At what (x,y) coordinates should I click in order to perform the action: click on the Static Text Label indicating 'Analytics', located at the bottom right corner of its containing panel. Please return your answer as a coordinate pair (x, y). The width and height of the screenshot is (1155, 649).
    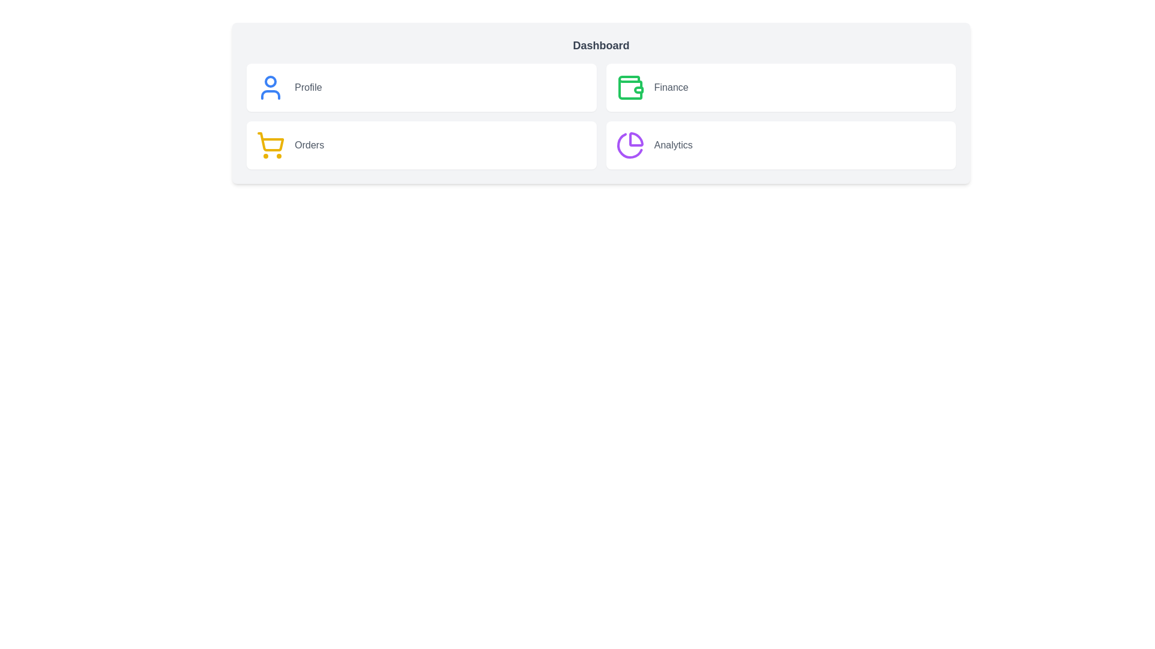
    Looking at the image, I should click on (673, 145).